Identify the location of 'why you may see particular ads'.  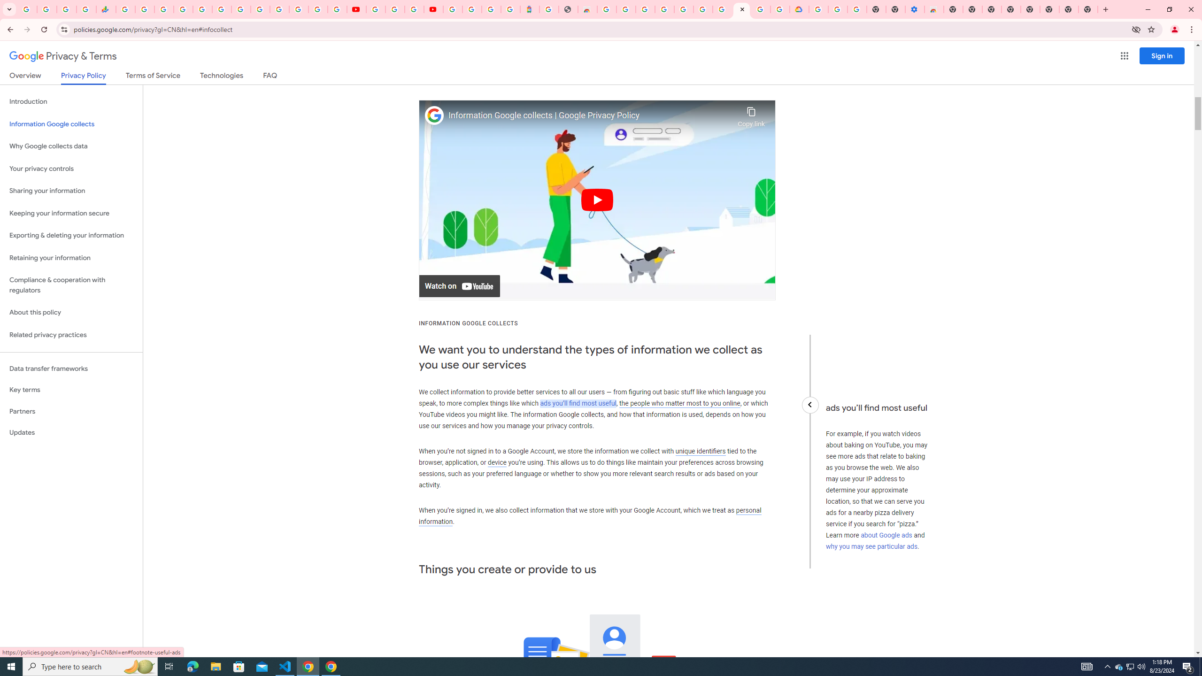
(871, 546).